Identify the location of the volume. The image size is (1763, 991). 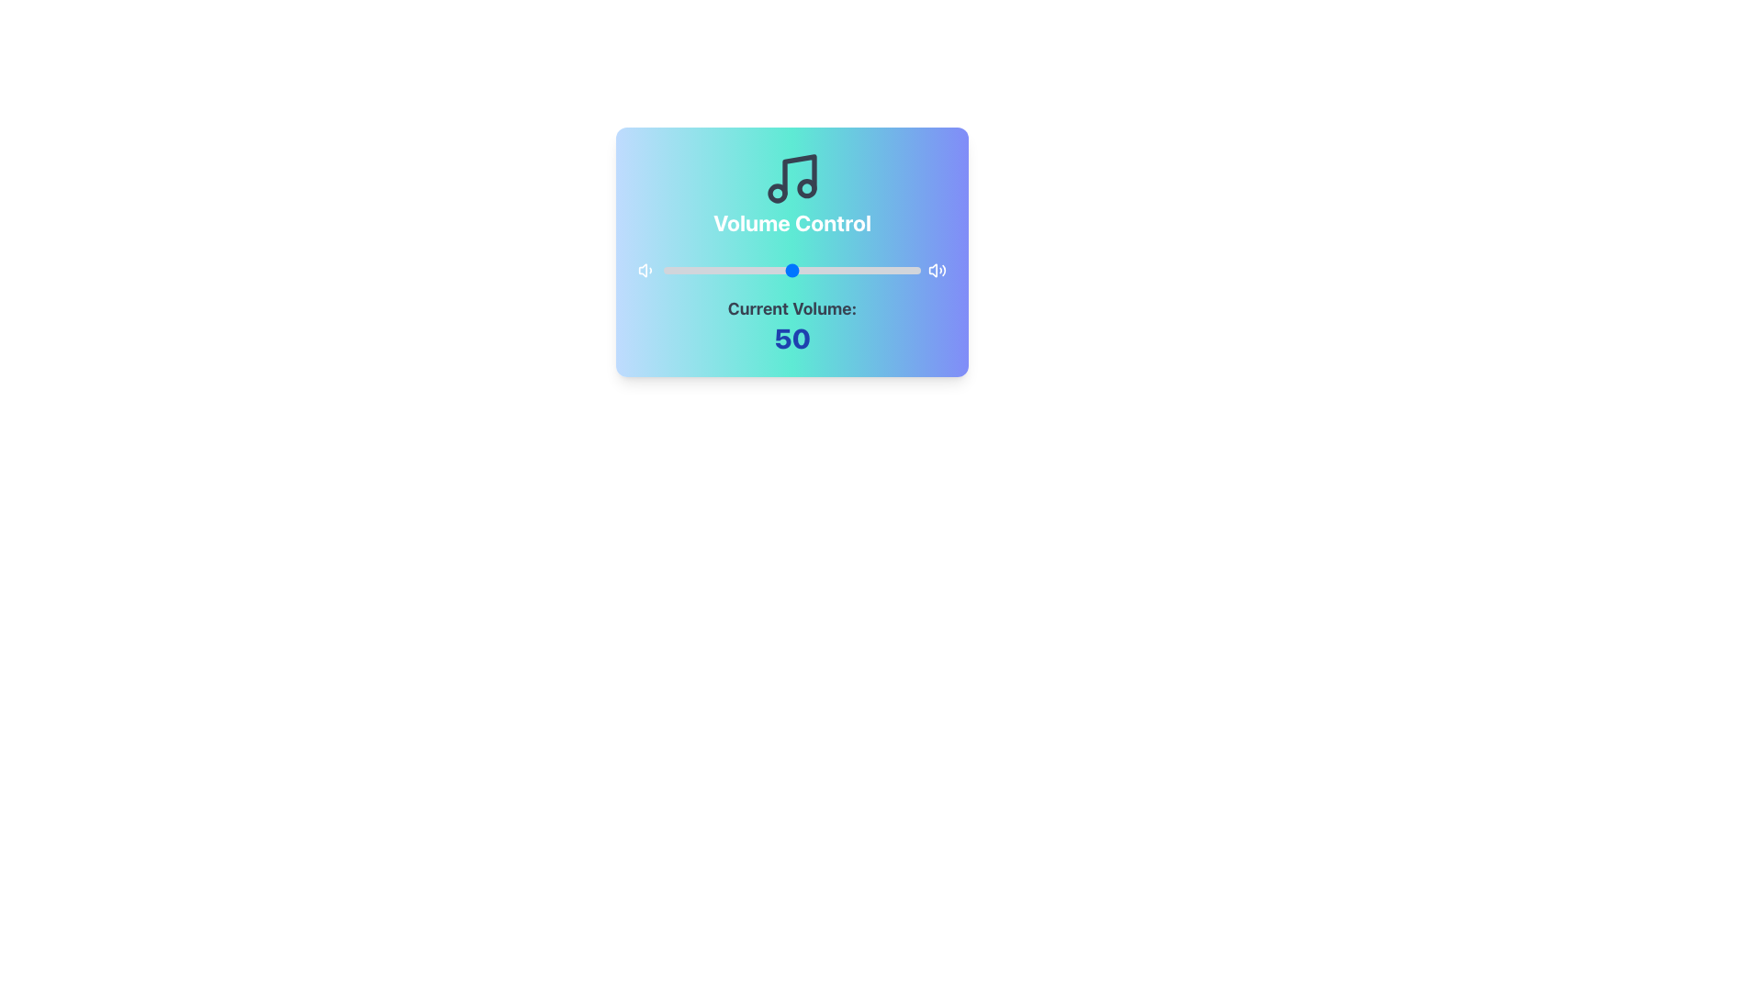
(876, 270).